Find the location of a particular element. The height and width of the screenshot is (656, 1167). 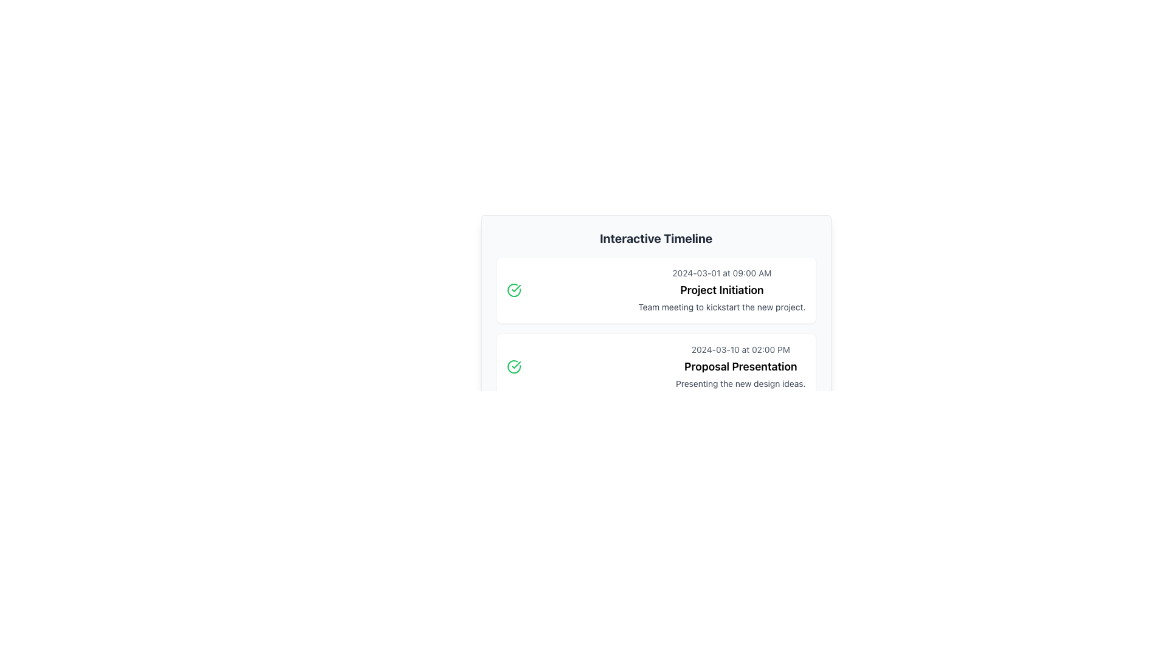

the Text display block that shows details about a scheduled event, located below 'Project Initiation' is located at coordinates (740, 366).